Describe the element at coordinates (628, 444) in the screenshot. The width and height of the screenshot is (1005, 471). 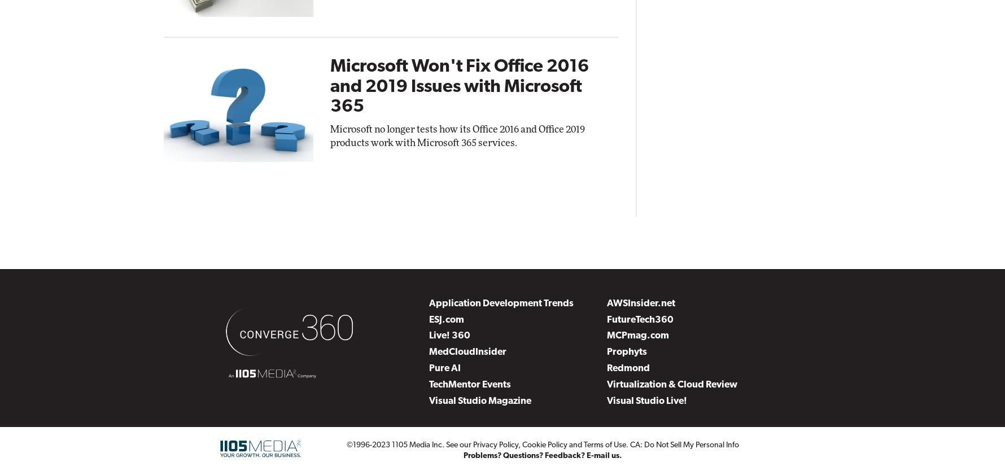
I see `'.'` at that location.